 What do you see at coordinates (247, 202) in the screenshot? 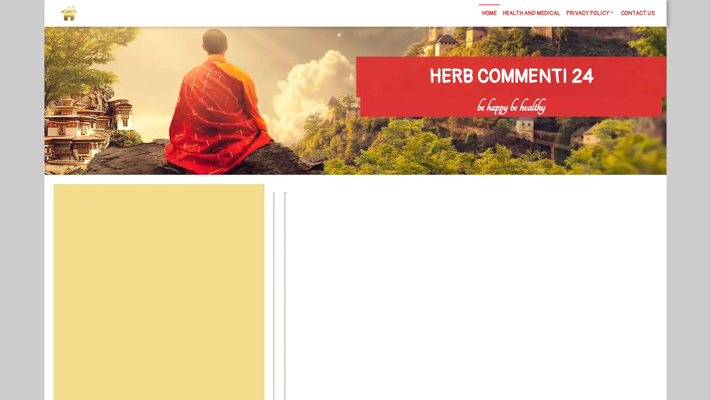
I see `Search` at bounding box center [247, 202].